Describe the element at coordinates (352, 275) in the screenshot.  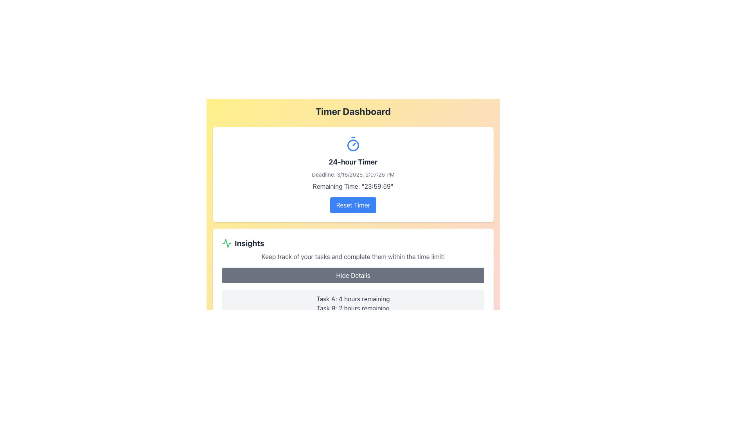
I see `the rectangular button with a dark gray background and white text reading 'Hide Details' to hide details` at that location.